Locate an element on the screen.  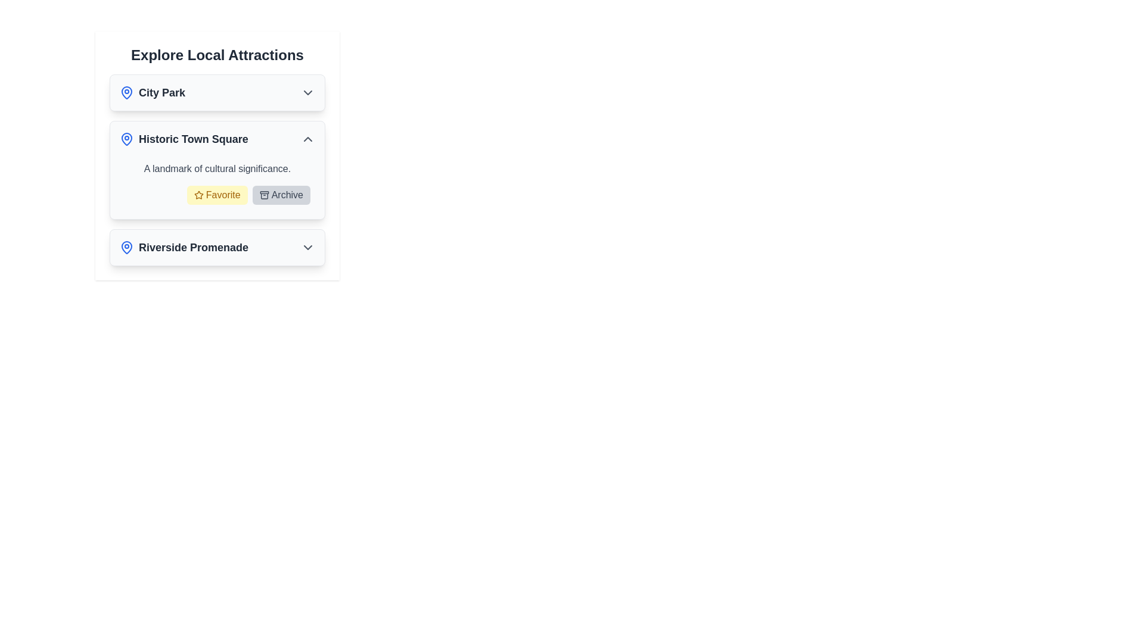
the first button labeled 'City Park' in the list of attractions under 'Explore Local Attractions' is located at coordinates (217, 92).